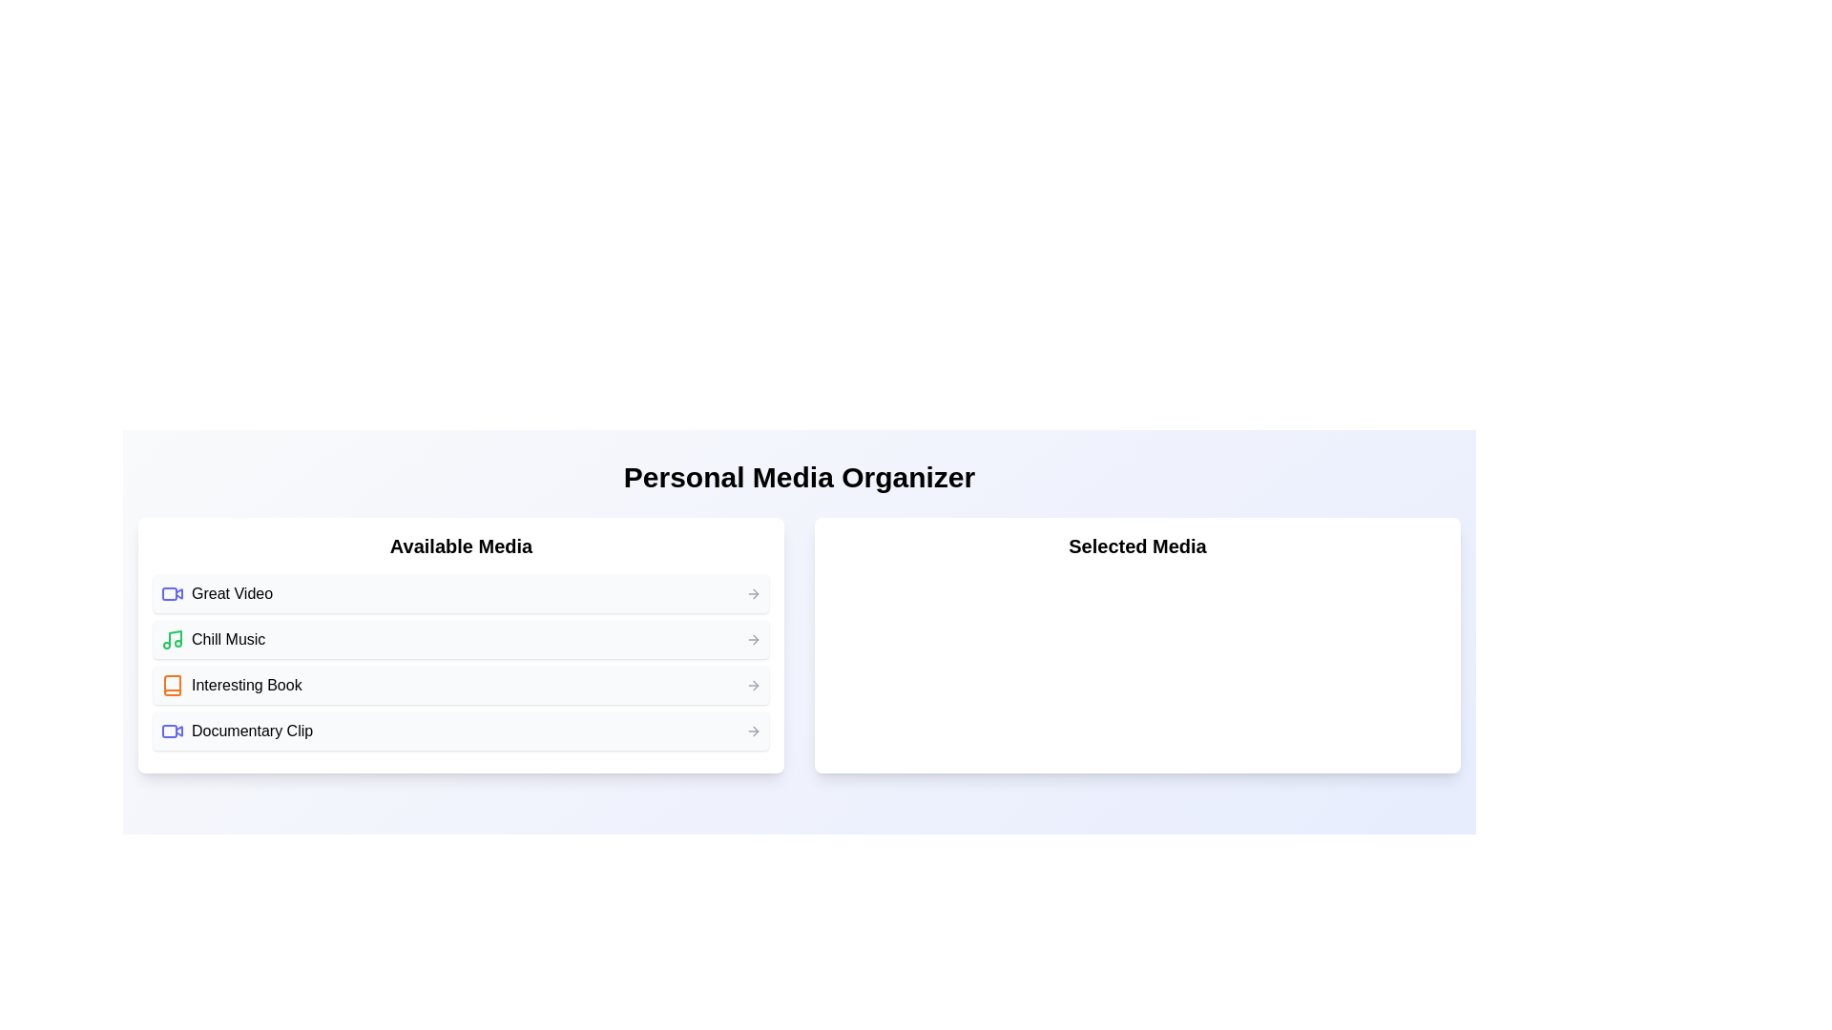  Describe the element at coordinates (173, 593) in the screenshot. I see `the video media icon representing 'Great Video' located in the 'Available Media' section of the interface` at that location.